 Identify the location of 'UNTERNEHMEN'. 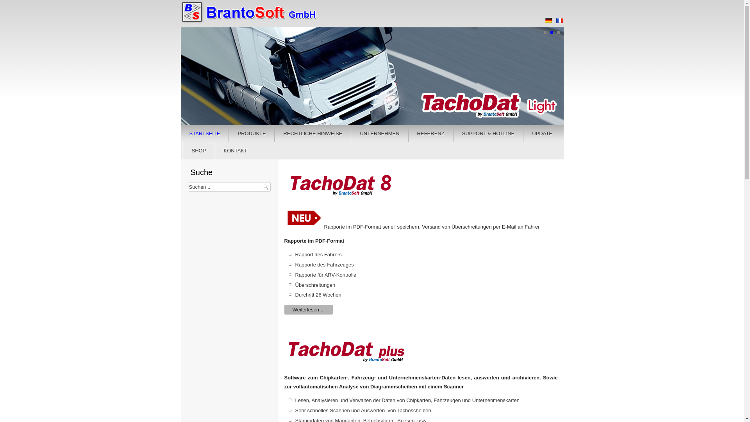
(352, 133).